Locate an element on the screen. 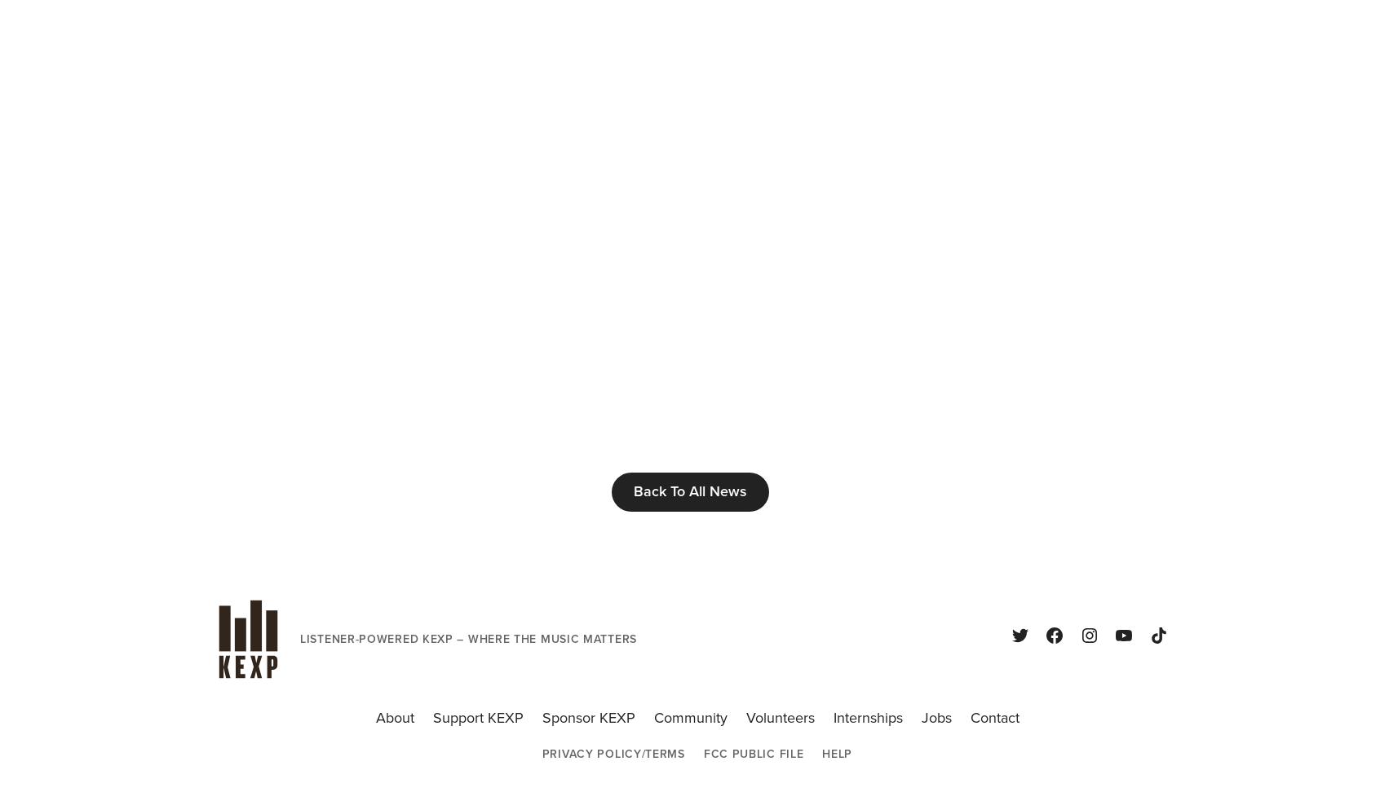  'Internships' is located at coordinates (831, 718).